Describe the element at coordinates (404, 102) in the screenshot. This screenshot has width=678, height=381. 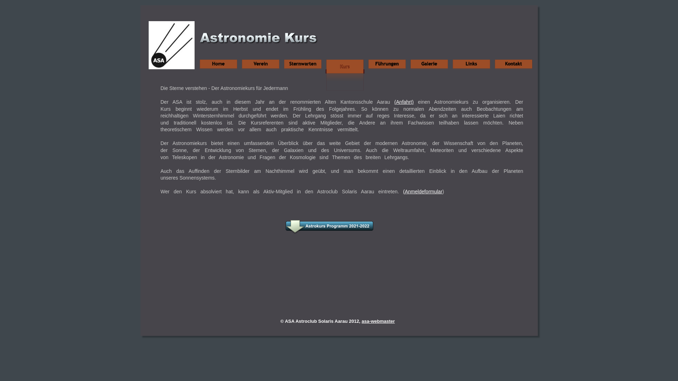
I see `'(Anfahrt)'` at that location.